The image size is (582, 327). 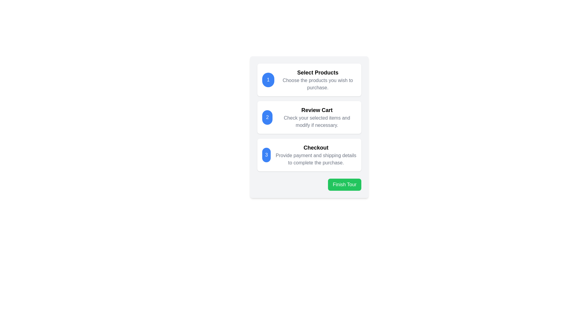 What do you see at coordinates (266, 155) in the screenshot?
I see `the content and style of the Circular Step Indicator that indicates the third step in the process, positioned in the lower left corner before the text 'Checkout Provide payment and shipping details to complete the purchase.'` at bounding box center [266, 155].